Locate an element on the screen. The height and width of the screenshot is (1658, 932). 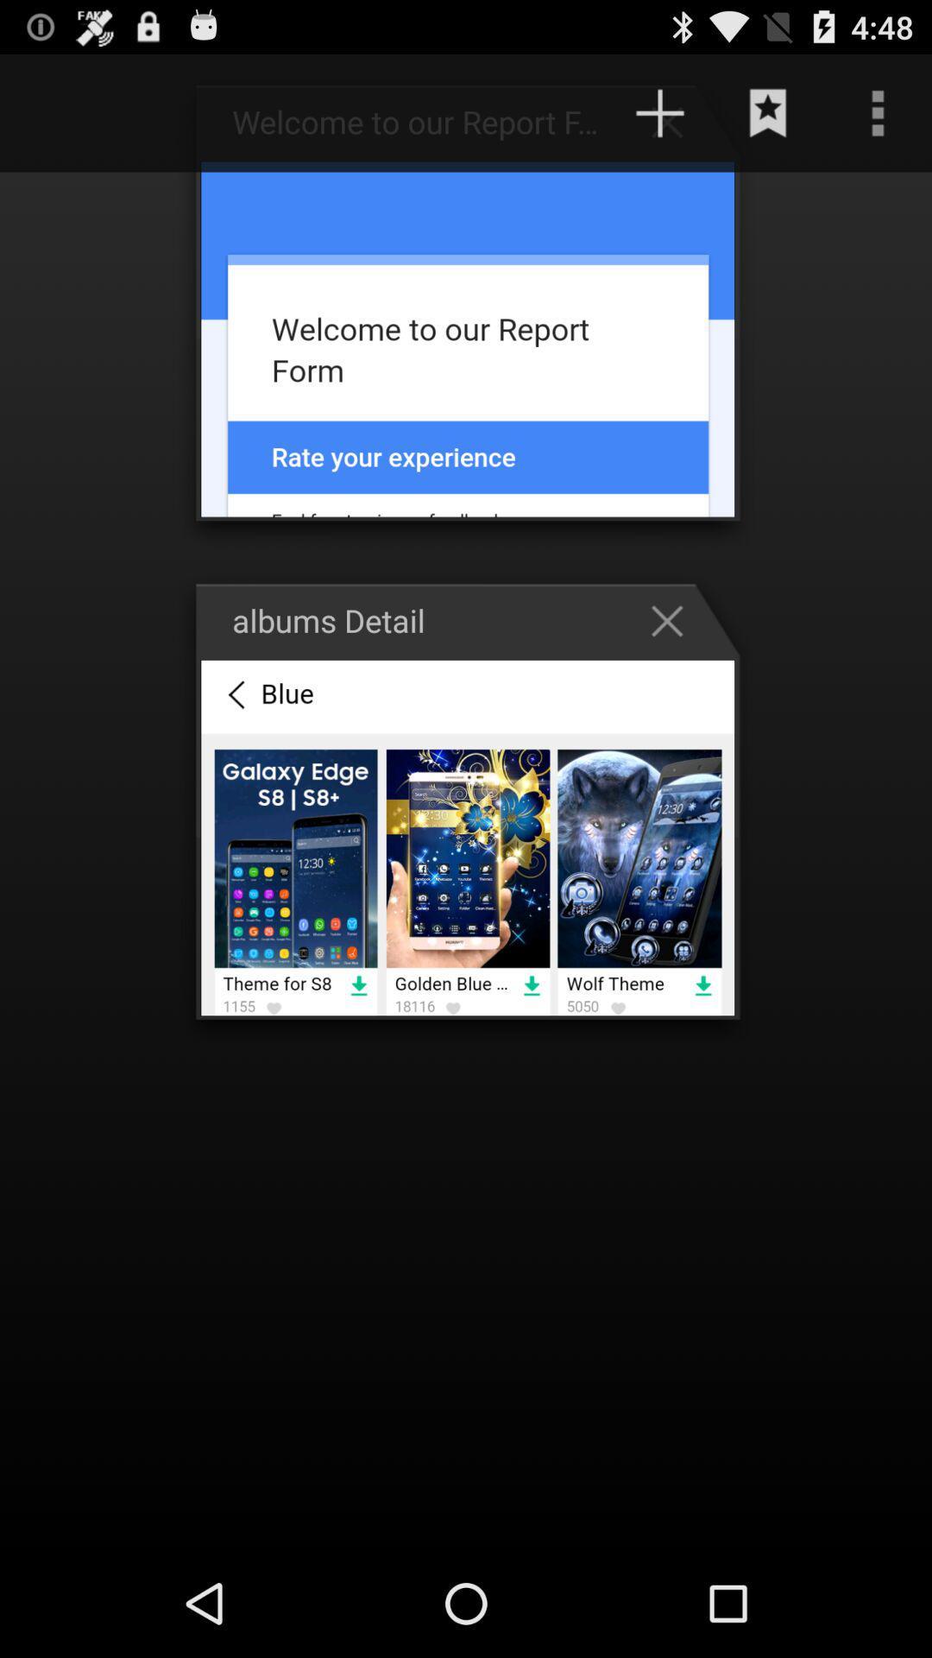
the add icon is located at coordinates (675, 129).